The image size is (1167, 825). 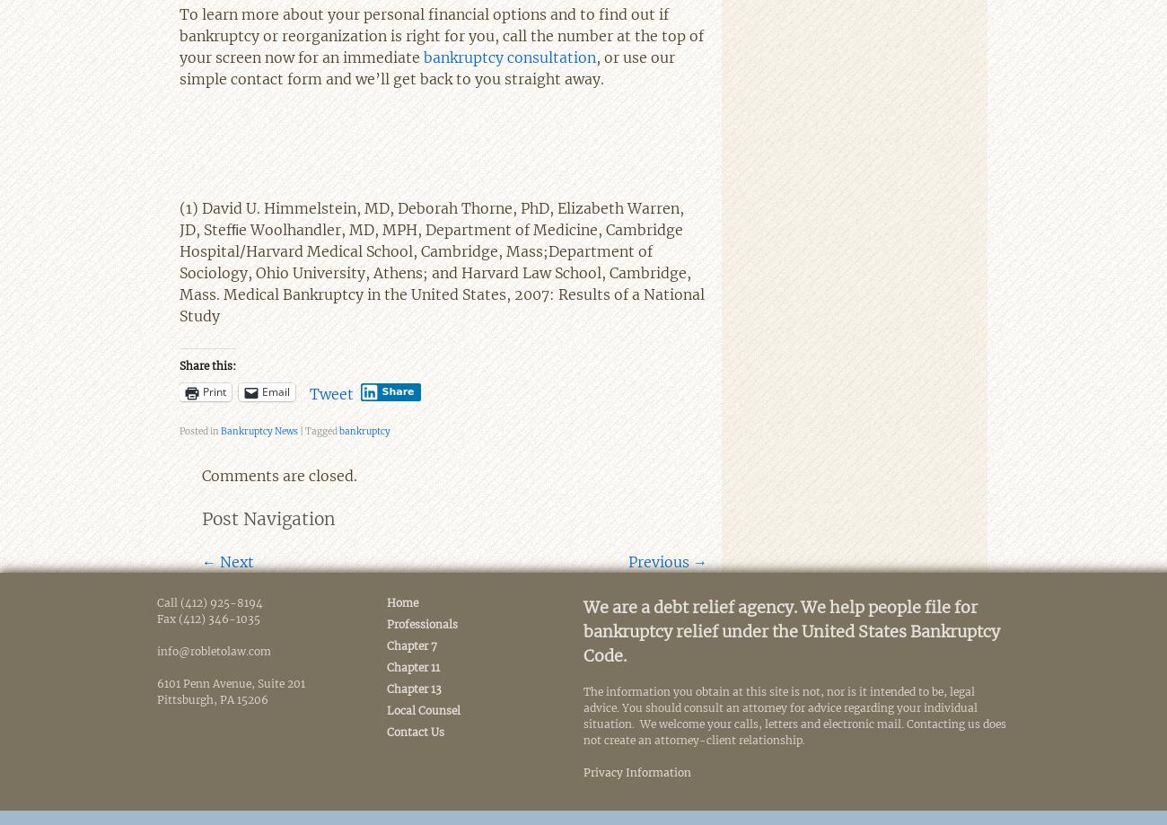 What do you see at coordinates (301, 429) in the screenshot?
I see `'|'` at bounding box center [301, 429].